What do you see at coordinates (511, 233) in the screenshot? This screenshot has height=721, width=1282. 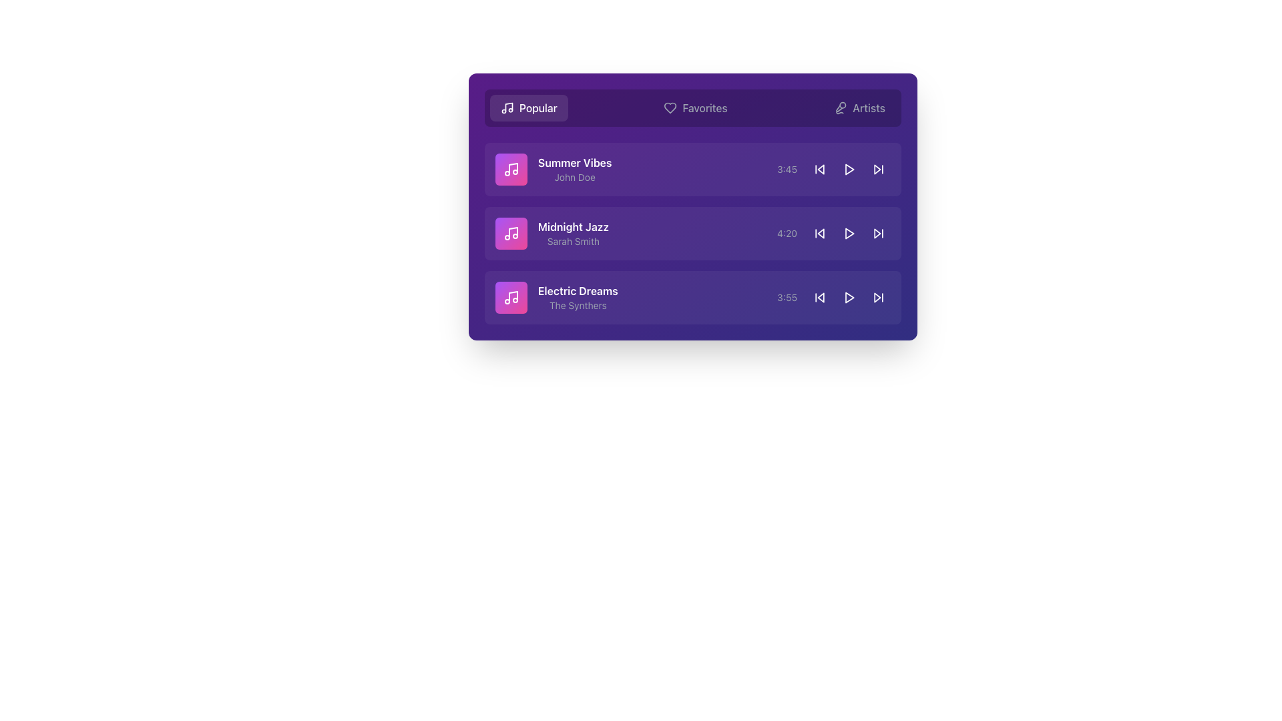 I see `music track icon located to the left of the 'Summer Vibes' text in the top row of the list interface to view its properties` at bounding box center [511, 233].